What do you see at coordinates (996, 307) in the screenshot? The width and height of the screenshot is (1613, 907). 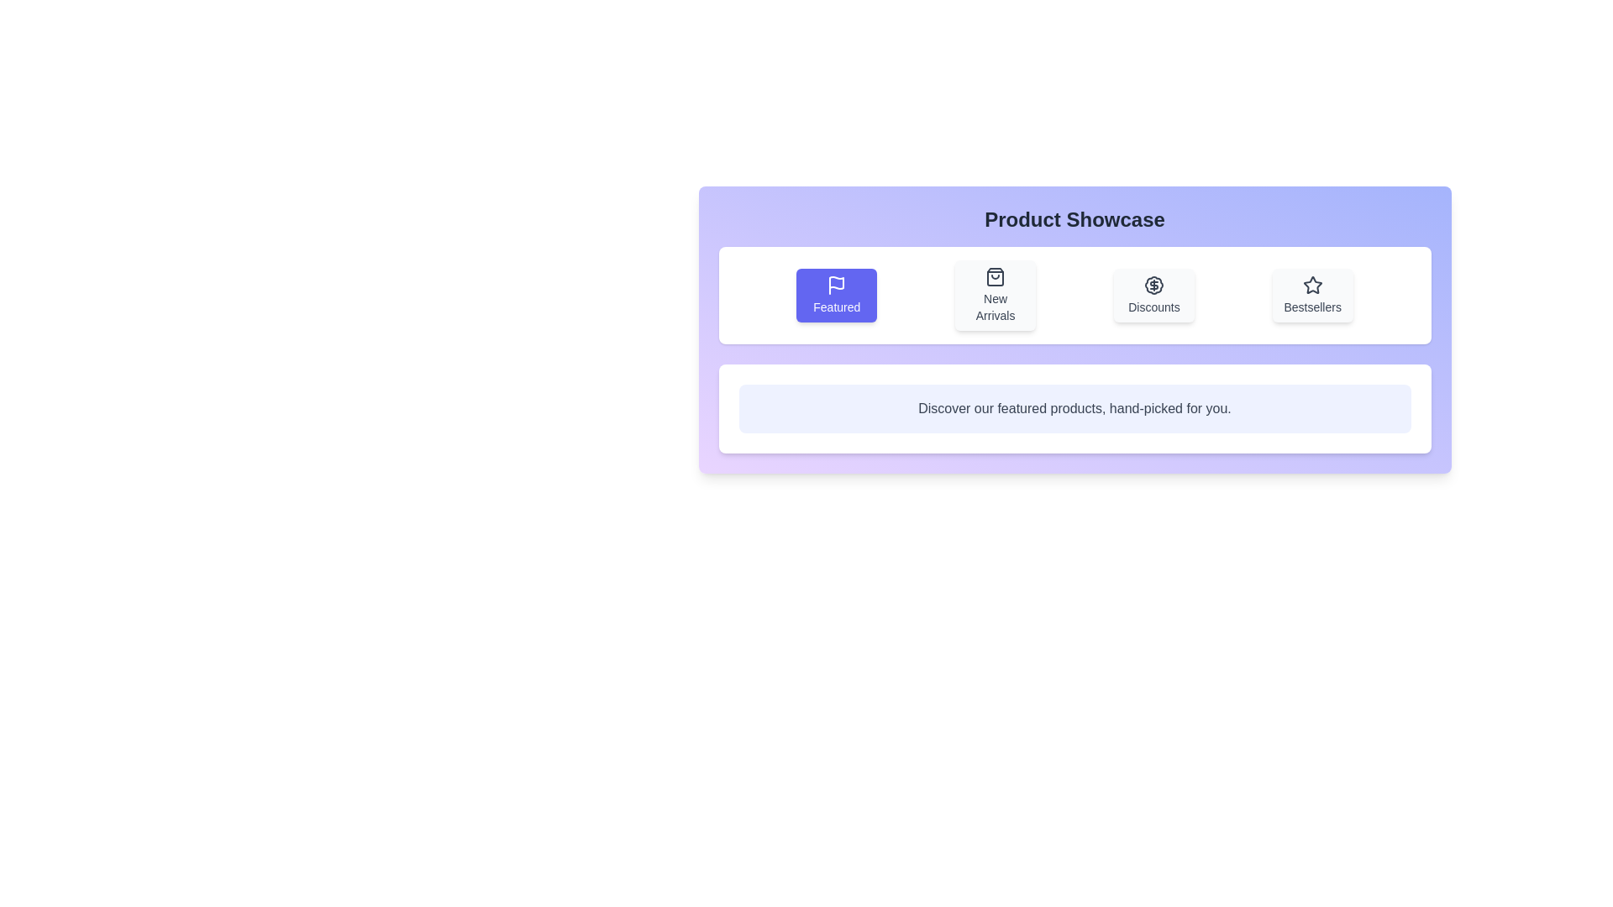 I see `the 'New Arrivals' text label, which is displayed in a medium-sized font with a dark color within a card component in the 'Product Showcase' section` at bounding box center [996, 307].